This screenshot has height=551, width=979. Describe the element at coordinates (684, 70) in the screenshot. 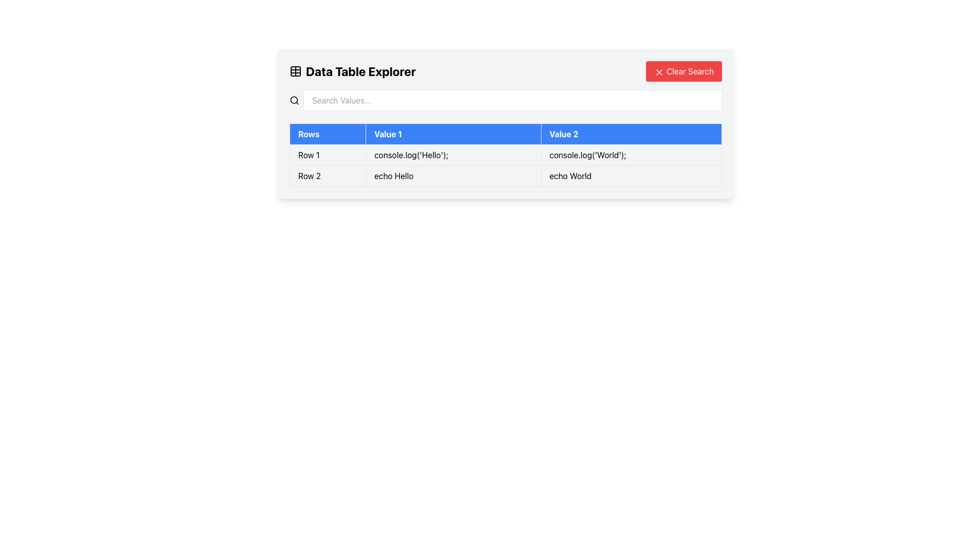

I see `the red 'Clear Search' button with white text located at the top-right corner of the 'Data Table Explorer' bar` at that location.